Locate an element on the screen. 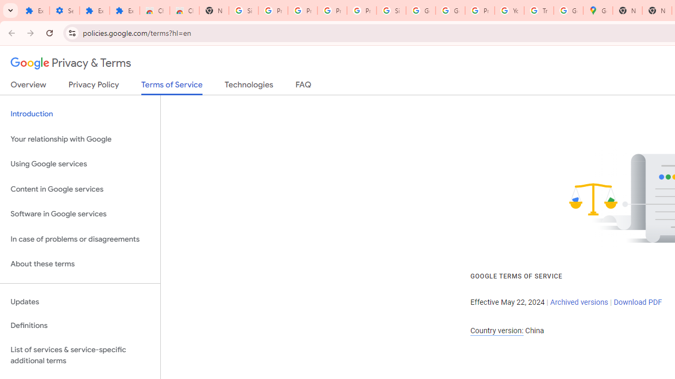 This screenshot has width=675, height=379. 'Extensions' is located at coordinates (94, 11).